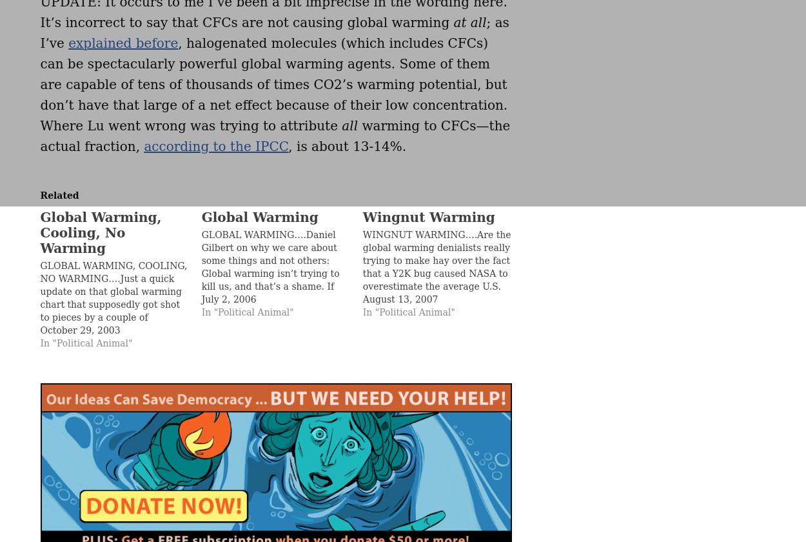  I want to click on 'at all', so click(469, 23).